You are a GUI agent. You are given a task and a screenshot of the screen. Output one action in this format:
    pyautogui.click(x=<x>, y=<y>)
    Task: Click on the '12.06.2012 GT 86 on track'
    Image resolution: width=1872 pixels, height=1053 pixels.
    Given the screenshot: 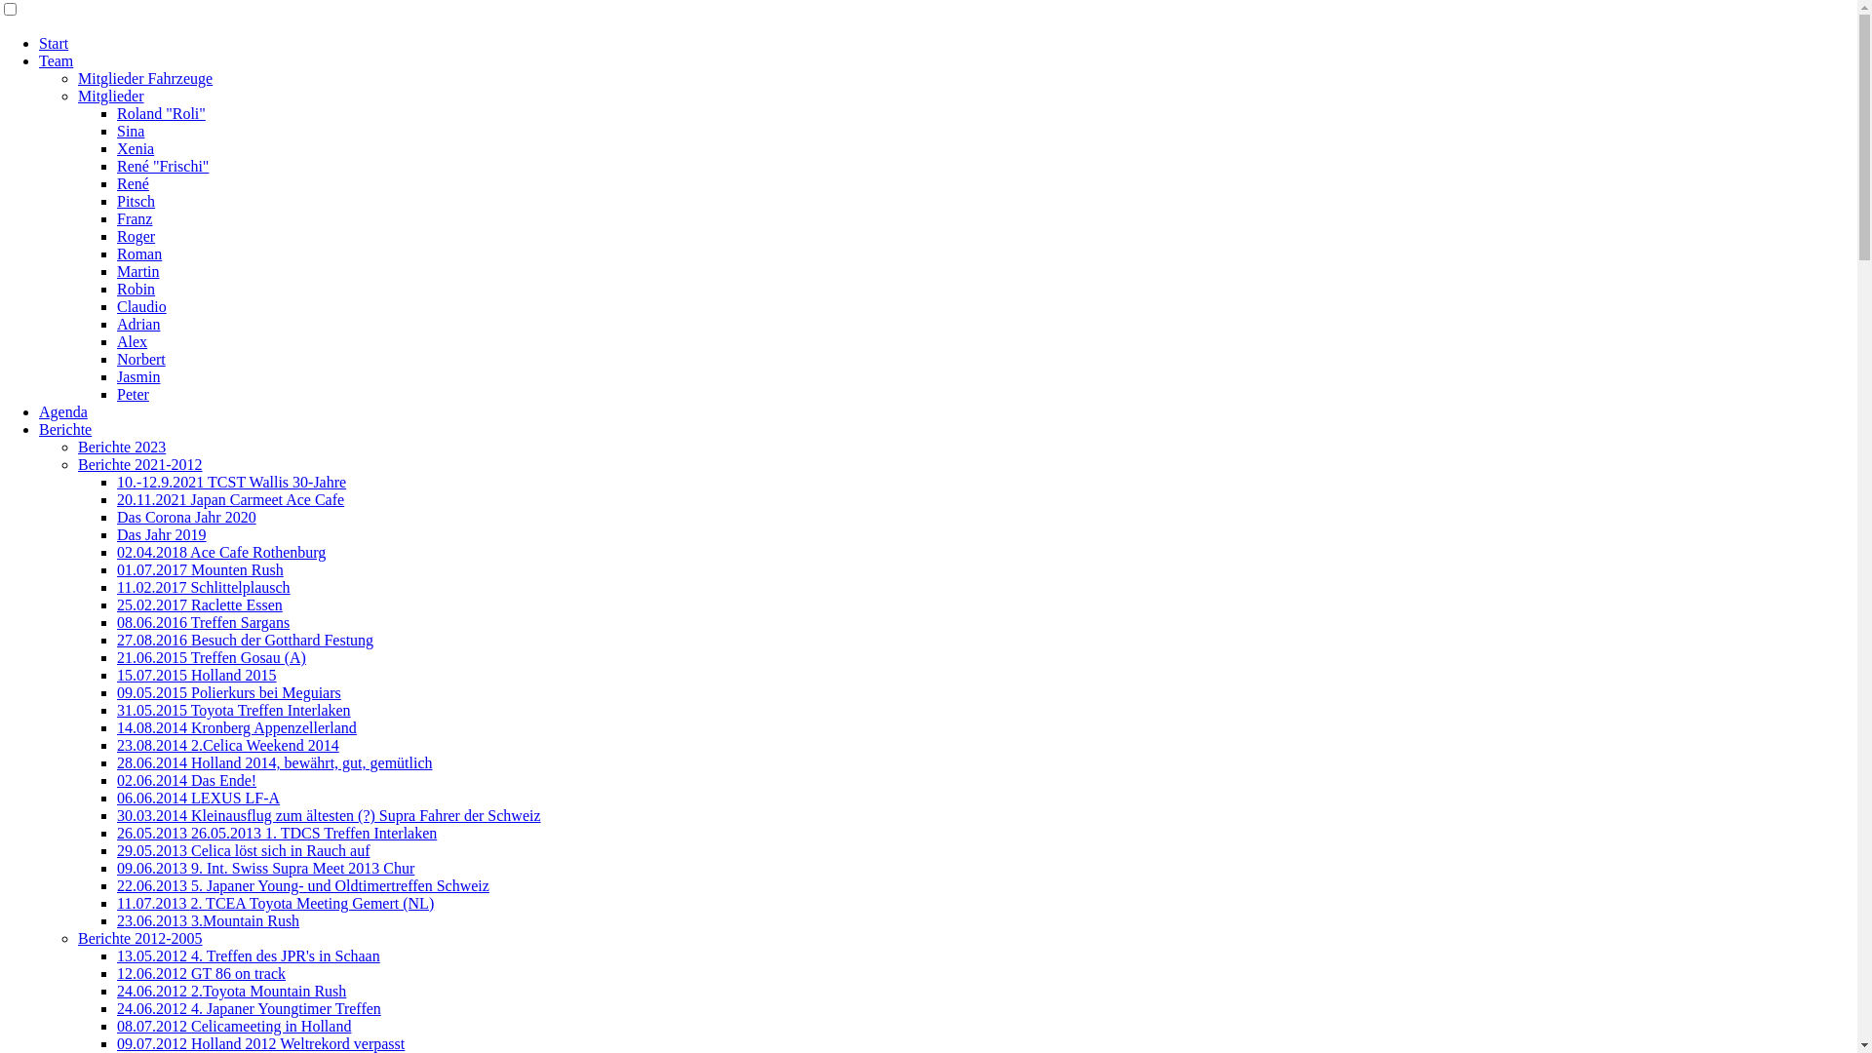 What is the action you would take?
    pyautogui.click(x=201, y=973)
    